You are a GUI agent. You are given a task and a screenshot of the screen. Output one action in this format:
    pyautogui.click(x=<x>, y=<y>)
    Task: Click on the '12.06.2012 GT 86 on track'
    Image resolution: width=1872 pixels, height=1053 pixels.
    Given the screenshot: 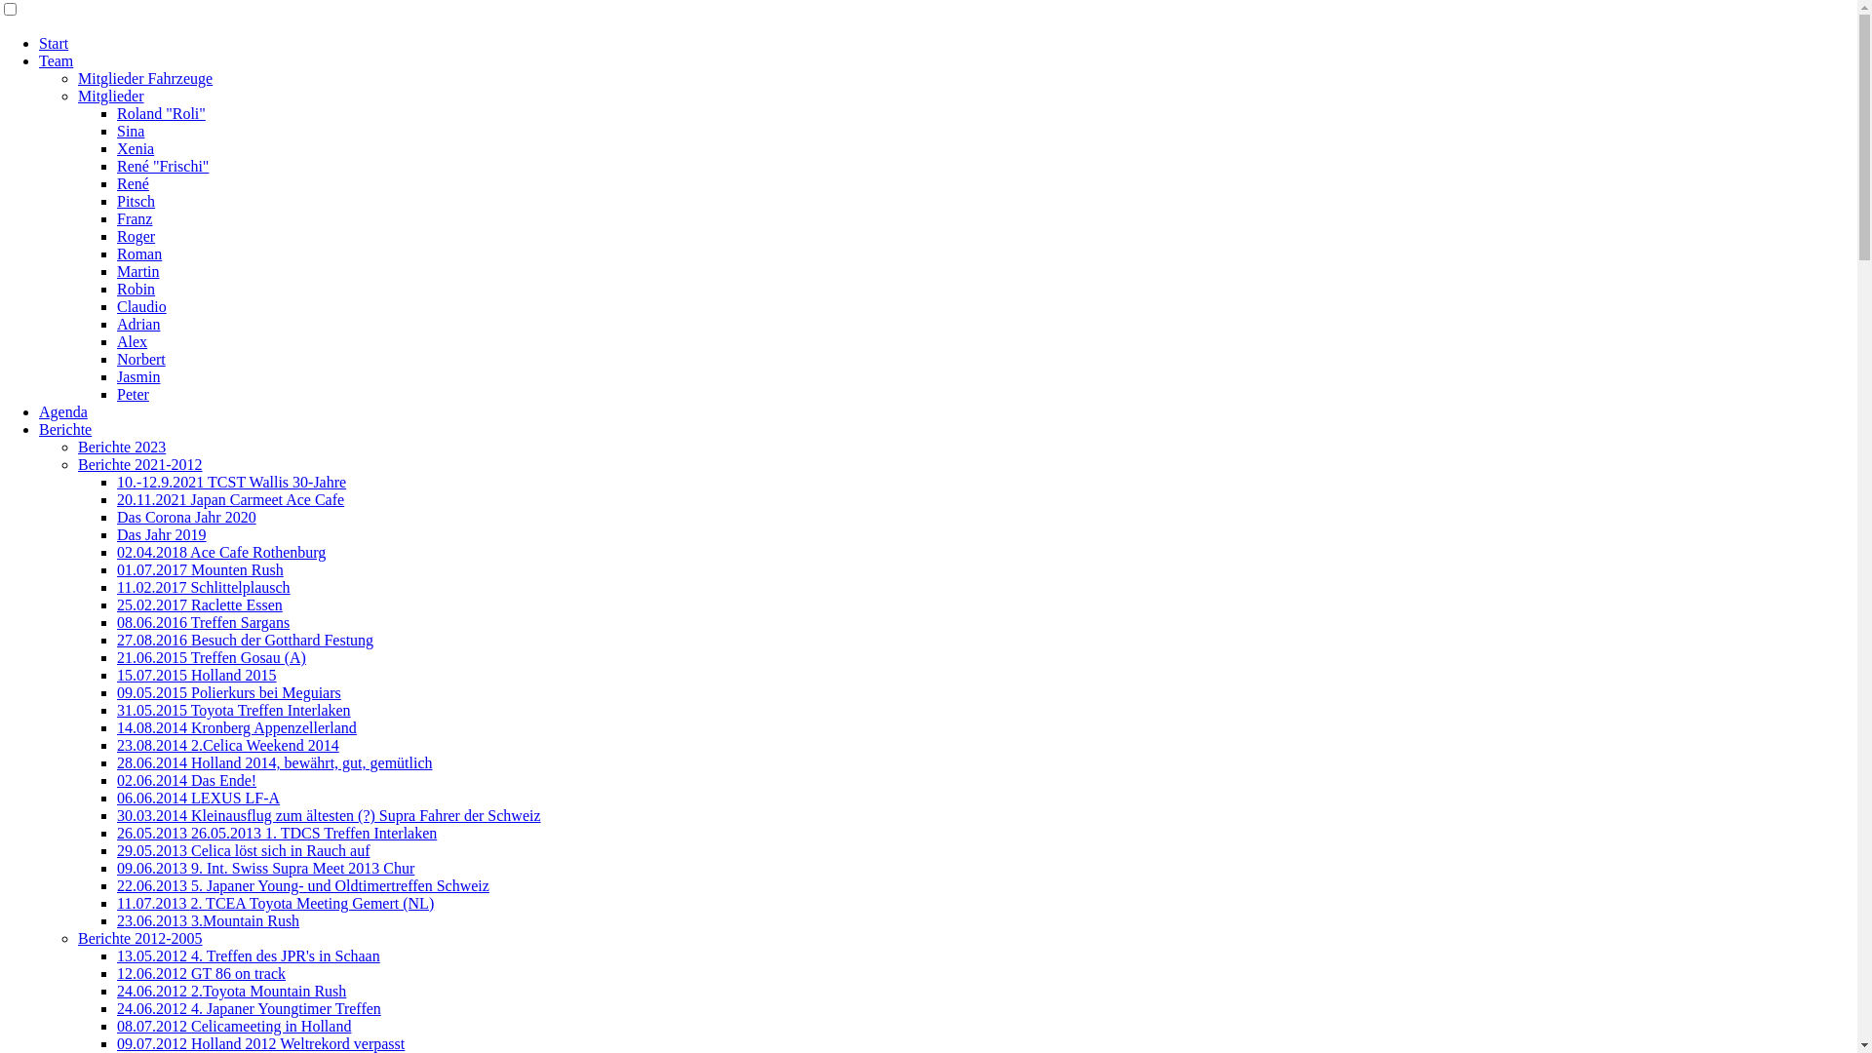 What is the action you would take?
    pyautogui.click(x=201, y=973)
    